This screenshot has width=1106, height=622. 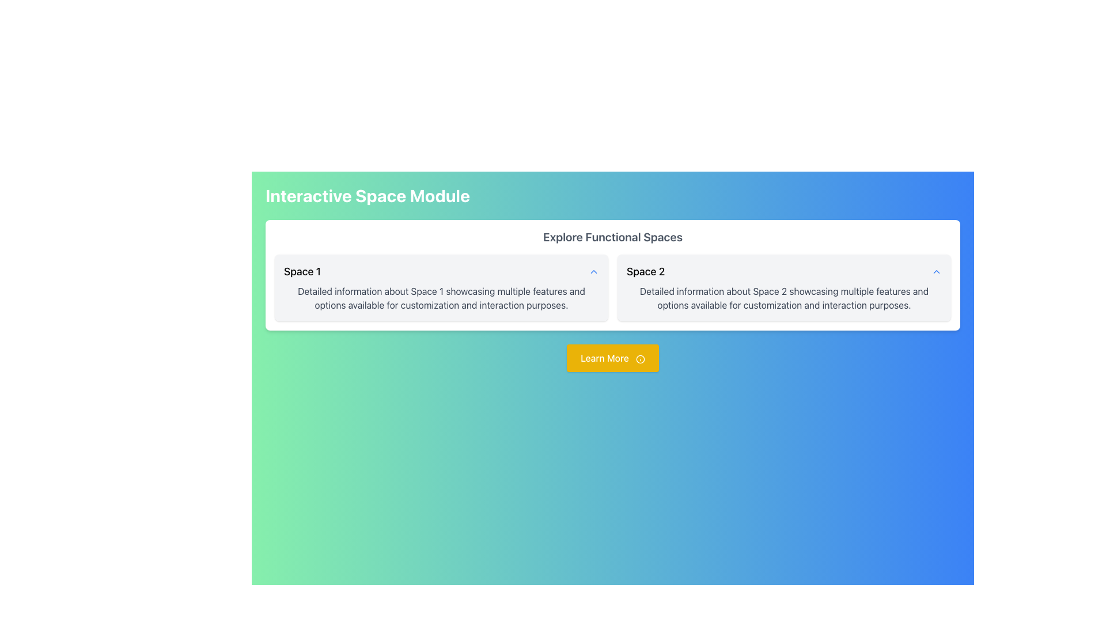 What do you see at coordinates (783, 297) in the screenshot?
I see `text block describing 'Detailed information about Space 2 showcasing multiple features and options available for customization and interaction purposes.' located under the title 'Space 2' in the 'Explore Functional Spaces' section` at bounding box center [783, 297].